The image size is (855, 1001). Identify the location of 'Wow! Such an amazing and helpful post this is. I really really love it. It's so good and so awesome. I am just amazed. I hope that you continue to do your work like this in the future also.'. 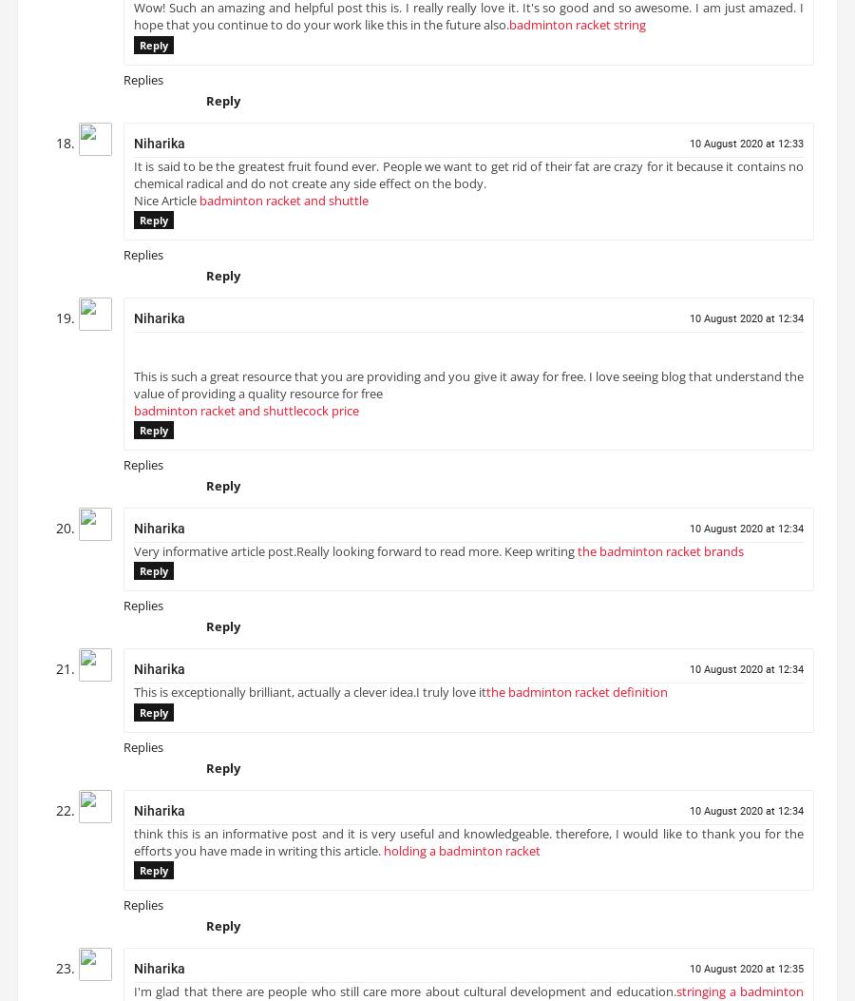
(467, 23).